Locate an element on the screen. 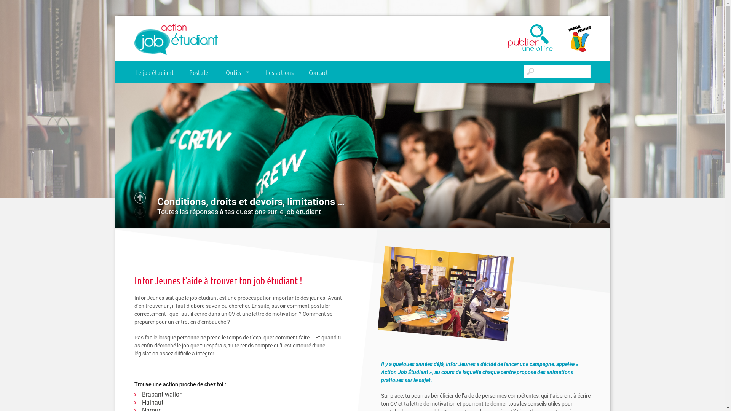  'Postuler' is located at coordinates (199, 73).